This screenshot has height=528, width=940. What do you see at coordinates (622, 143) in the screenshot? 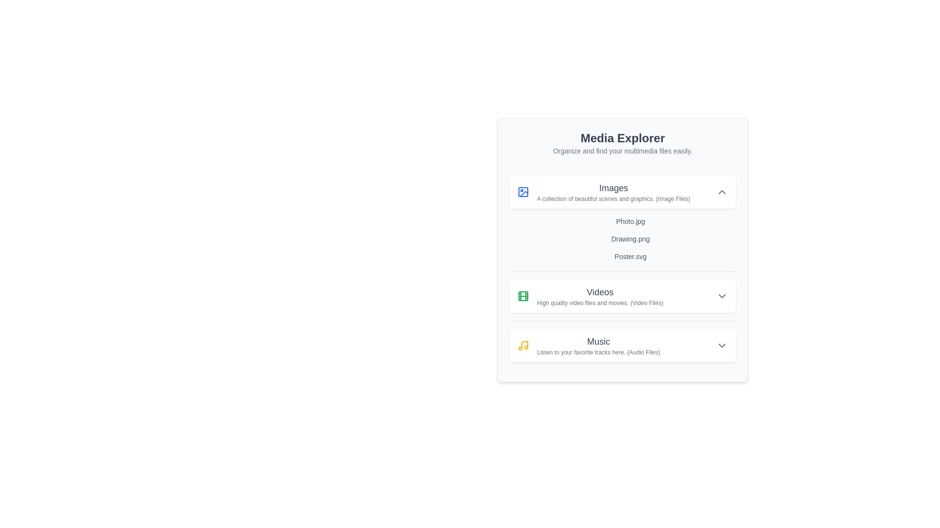
I see `the header with subheading at the top of the multimedia organizer` at bounding box center [622, 143].